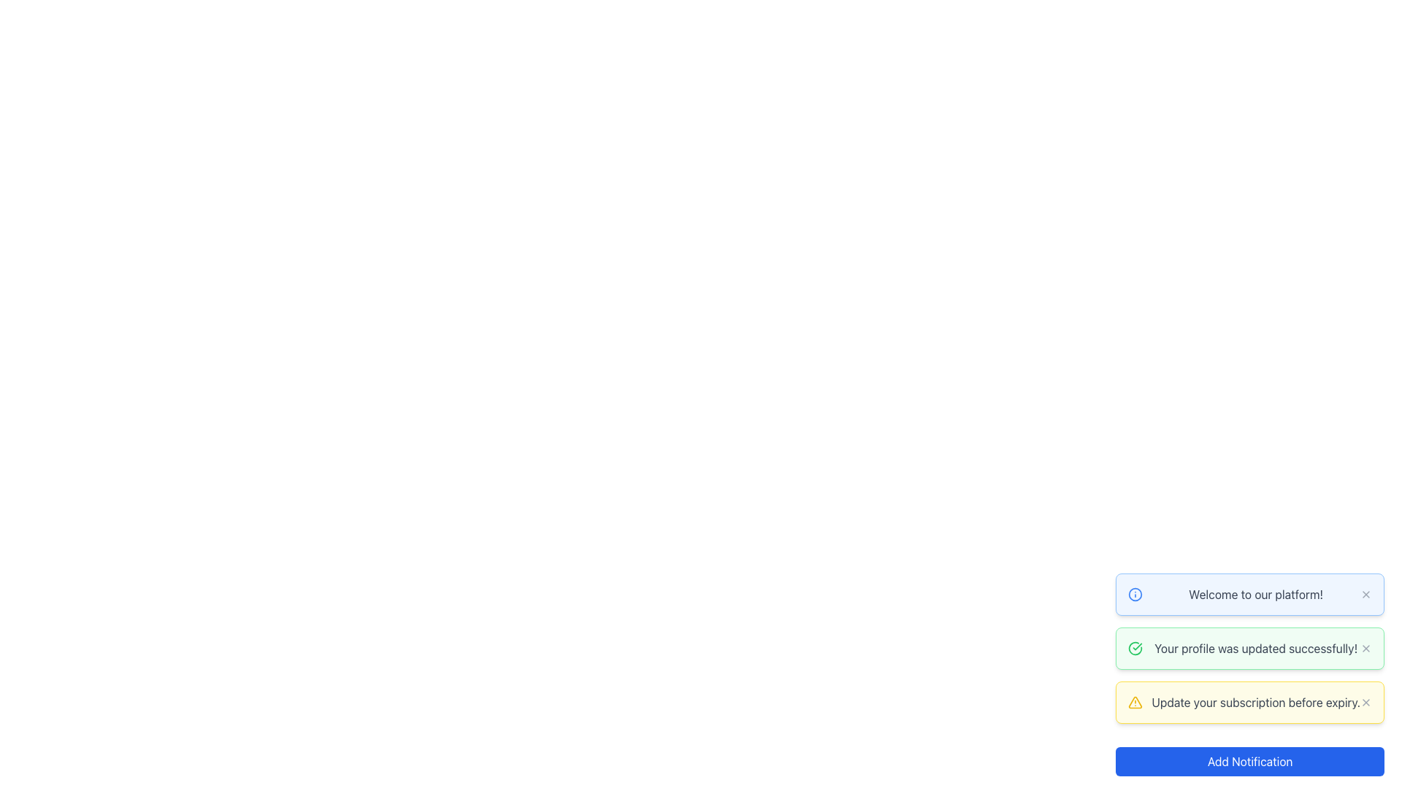 Image resolution: width=1402 pixels, height=788 pixels. I want to click on notification message about the successful update of the user's profile, which is the text element located in the second notification box from the top in the notification panel, so click(1255, 647).